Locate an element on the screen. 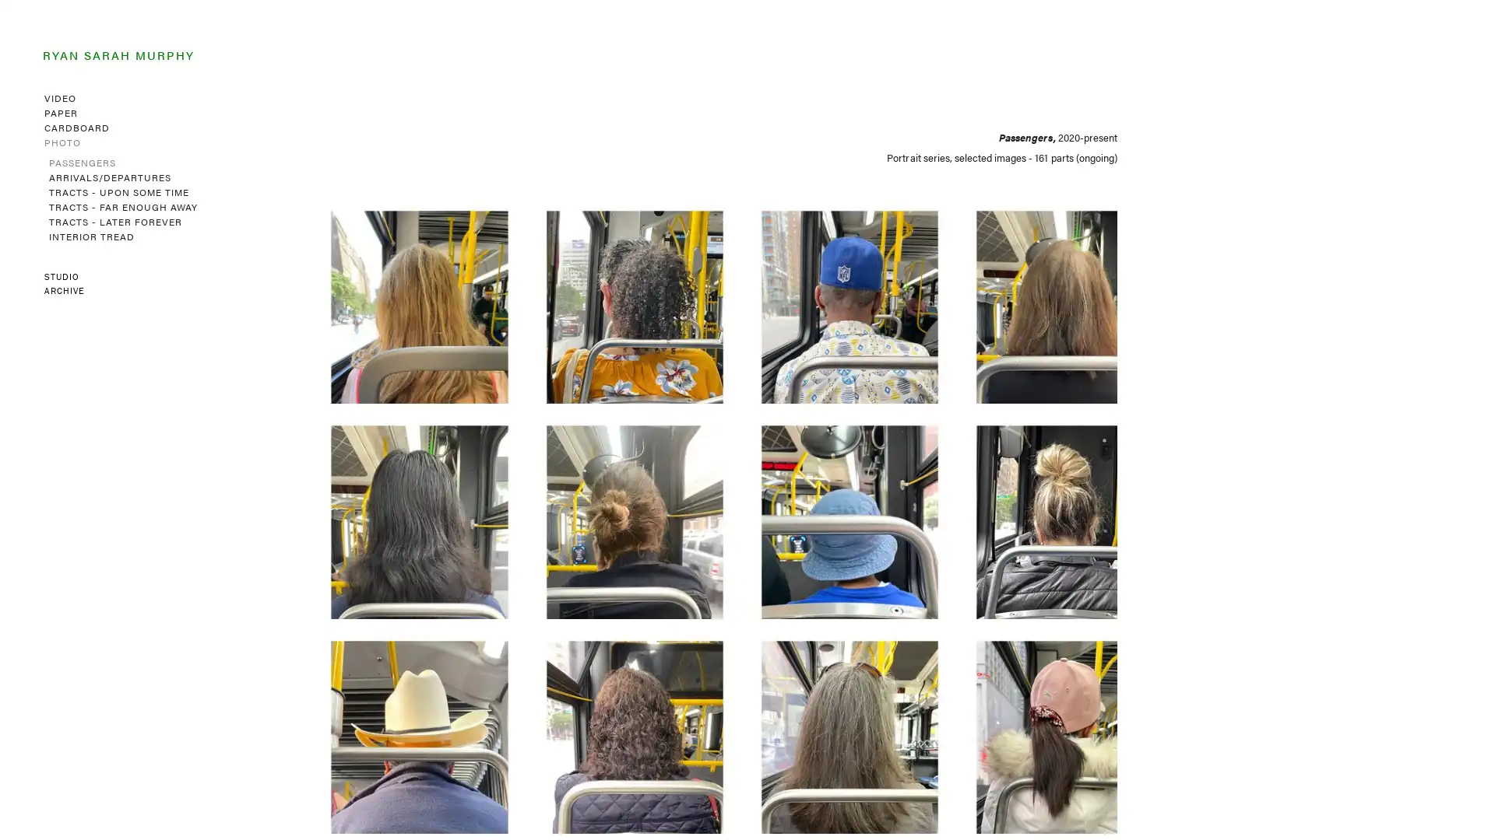 The height and width of the screenshot is (840, 1495). View fullsize Passenger 161-.jpeg is located at coordinates (374, 286).